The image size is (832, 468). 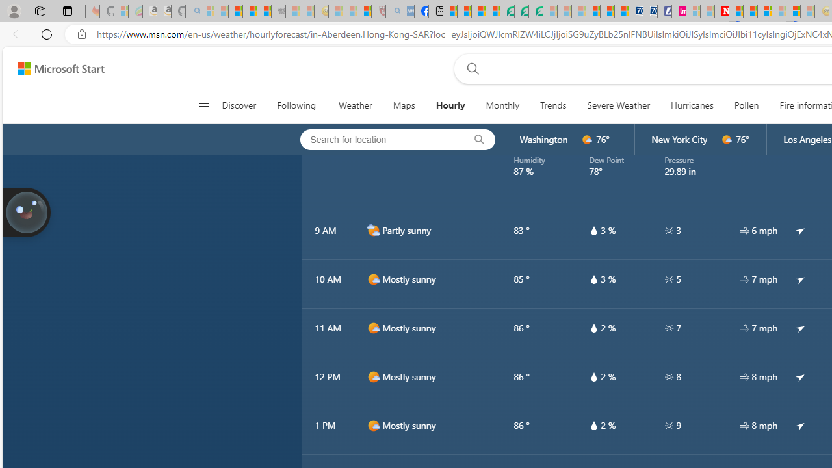 What do you see at coordinates (364, 11) in the screenshot?
I see `'Local - MSN'` at bounding box center [364, 11].